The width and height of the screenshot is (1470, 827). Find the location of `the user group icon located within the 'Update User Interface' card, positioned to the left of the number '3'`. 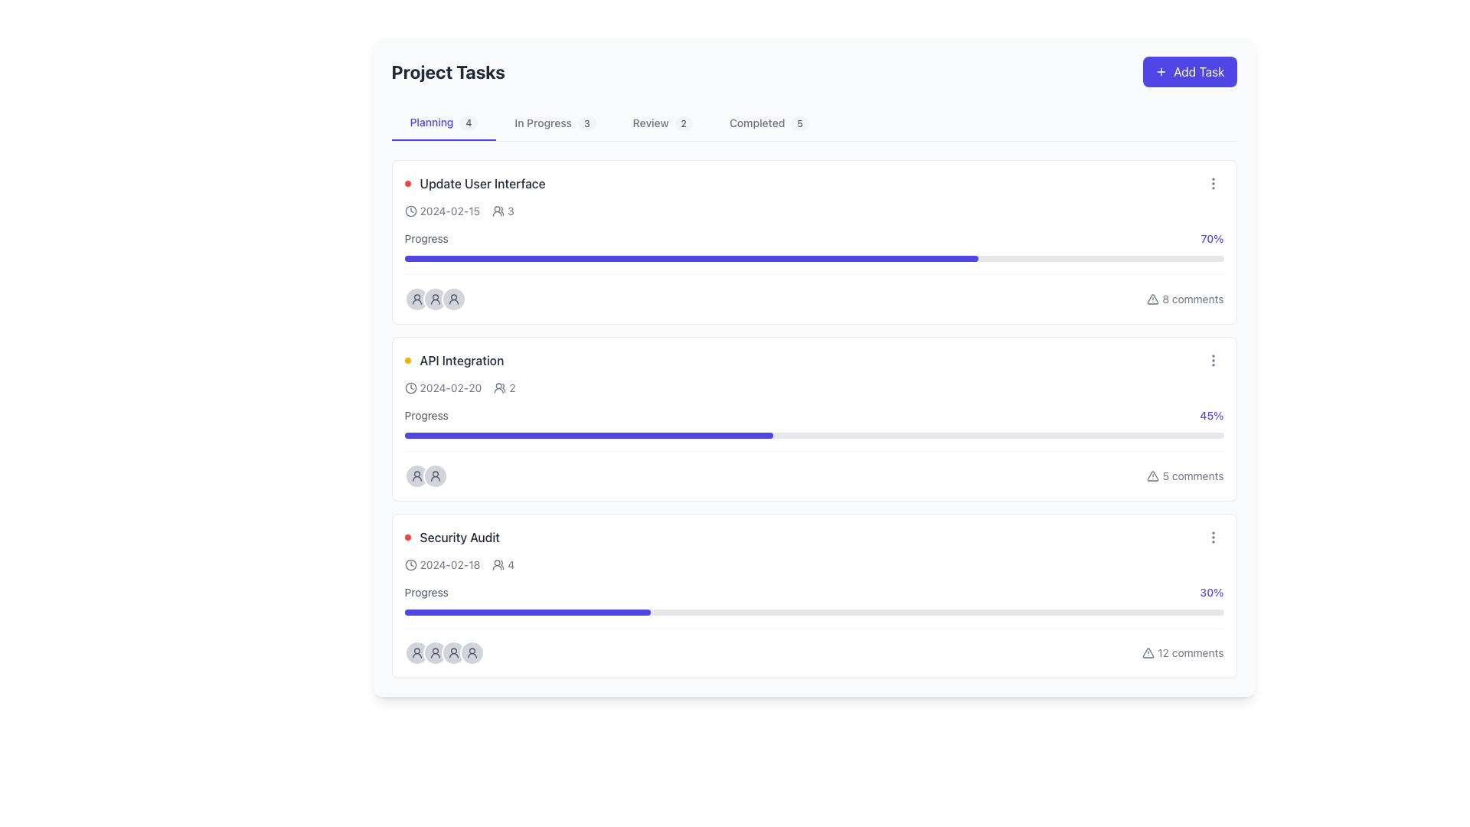

the user group icon located within the 'Update User Interface' card, positioned to the left of the number '3' is located at coordinates (498, 211).